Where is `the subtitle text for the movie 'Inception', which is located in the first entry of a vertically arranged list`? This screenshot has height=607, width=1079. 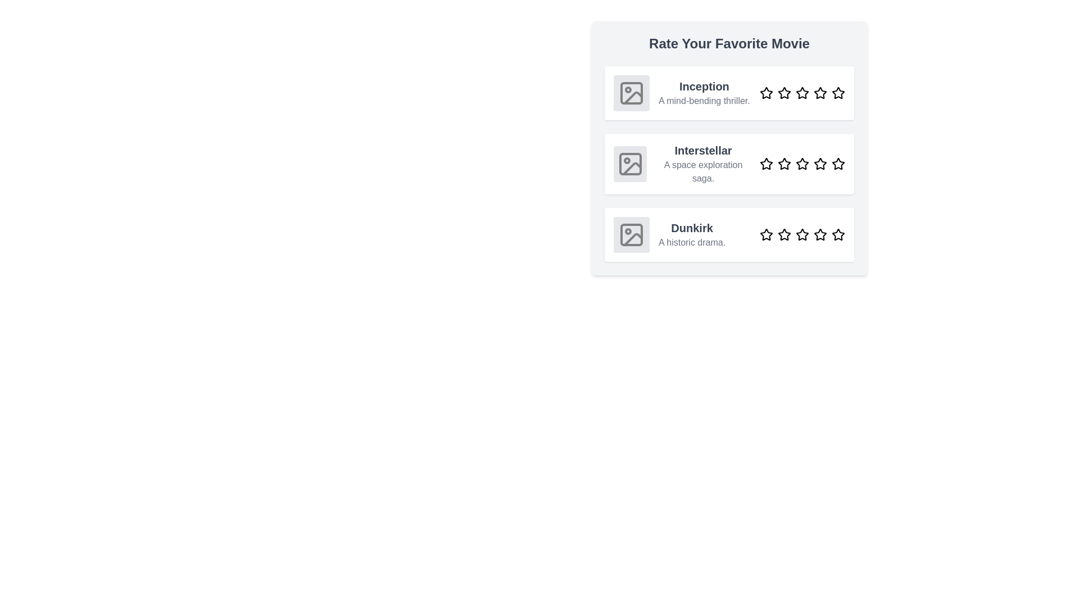
the subtitle text for the movie 'Inception', which is located in the first entry of a vertically arranged list is located at coordinates (704, 101).